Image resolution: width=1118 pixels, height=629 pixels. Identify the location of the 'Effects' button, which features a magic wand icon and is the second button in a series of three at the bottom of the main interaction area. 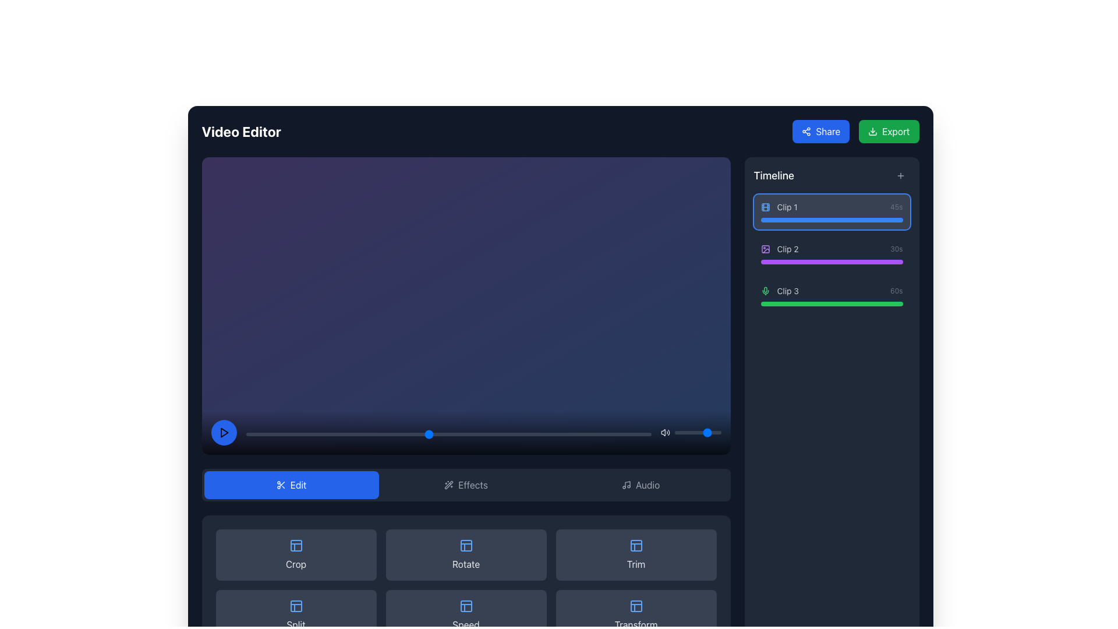
(466, 485).